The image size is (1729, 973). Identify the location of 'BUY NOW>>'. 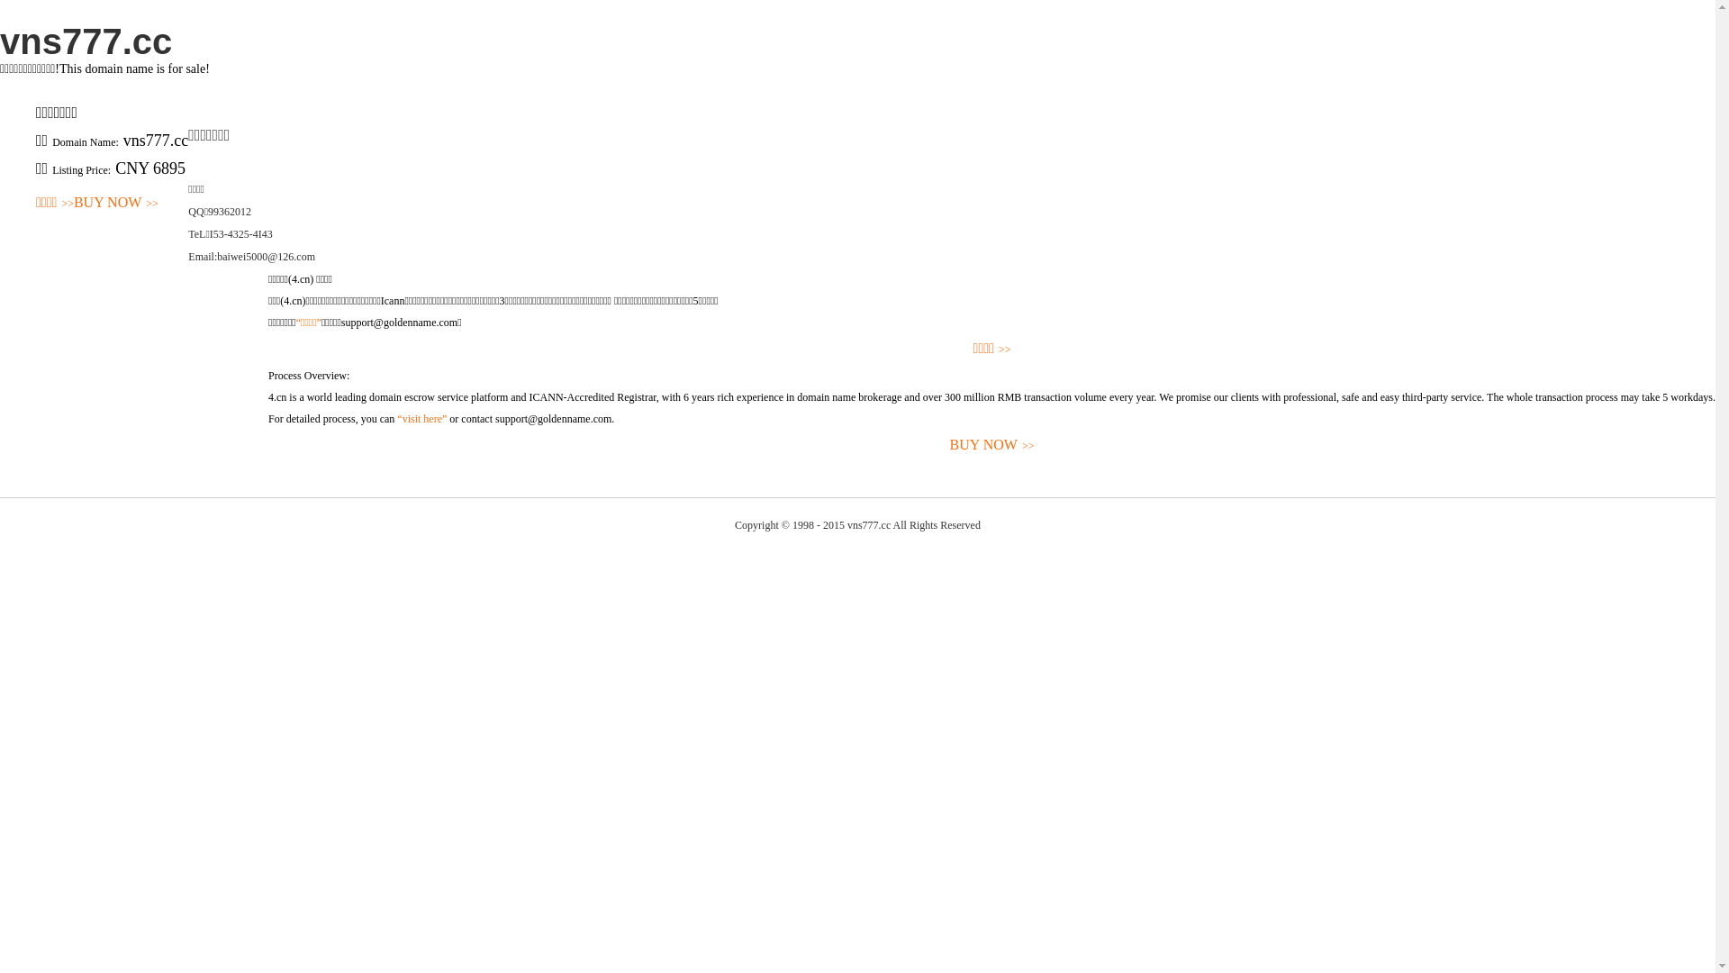
(115, 203).